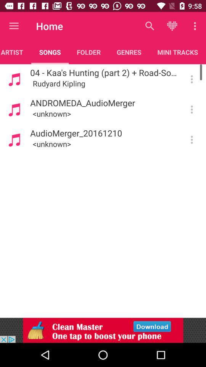 The width and height of the screenshot is (206, 367). What do you see at coordinates (103, 330) in the screenshot?
I see `hit clean master` at bounding box center [103, 330].